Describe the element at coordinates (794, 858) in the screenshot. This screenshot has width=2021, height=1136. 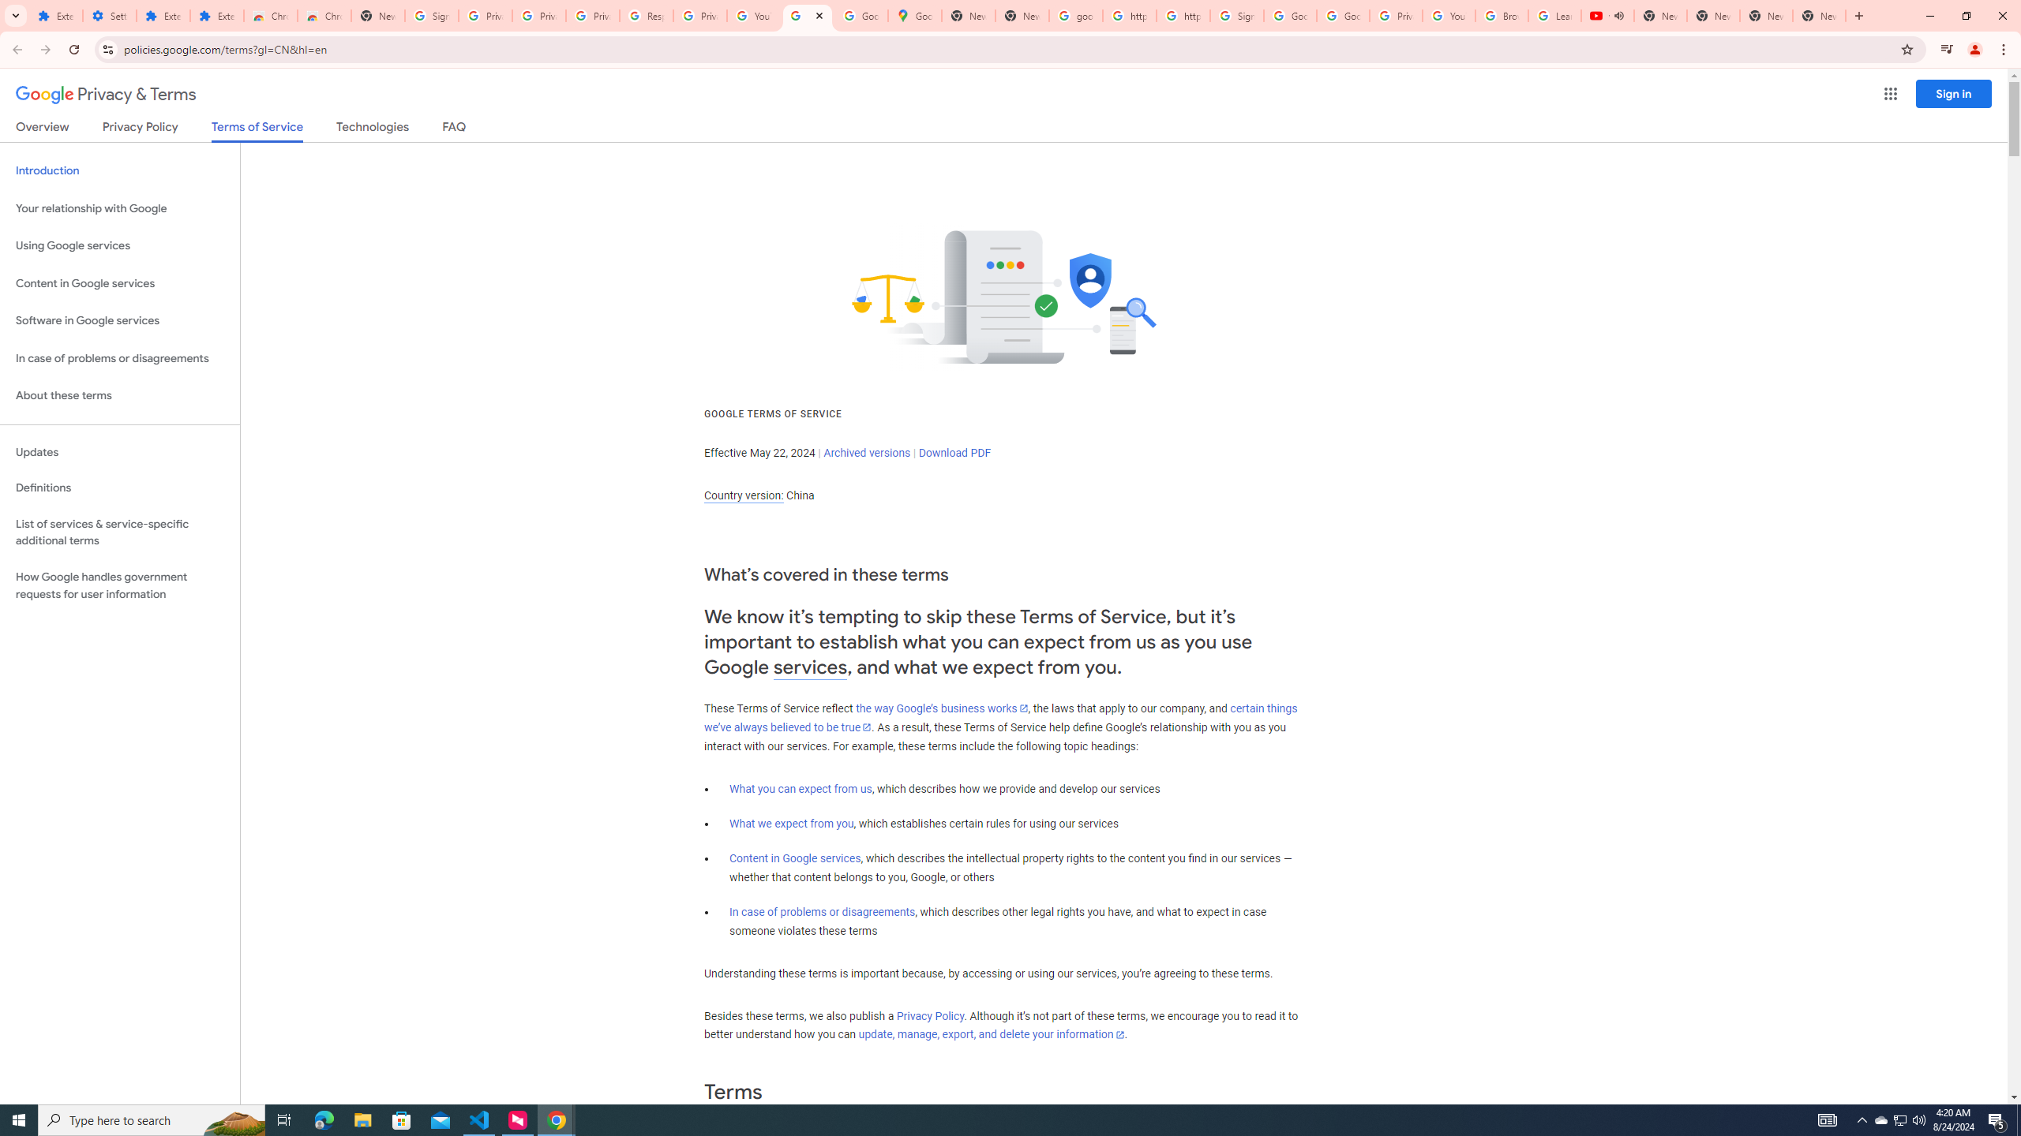
I see `'Content in Google services'` at that location.